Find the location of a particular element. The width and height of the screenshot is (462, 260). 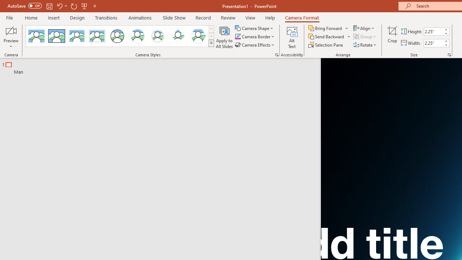

'Apply to All Slides' is located at coordinates (224, 37).